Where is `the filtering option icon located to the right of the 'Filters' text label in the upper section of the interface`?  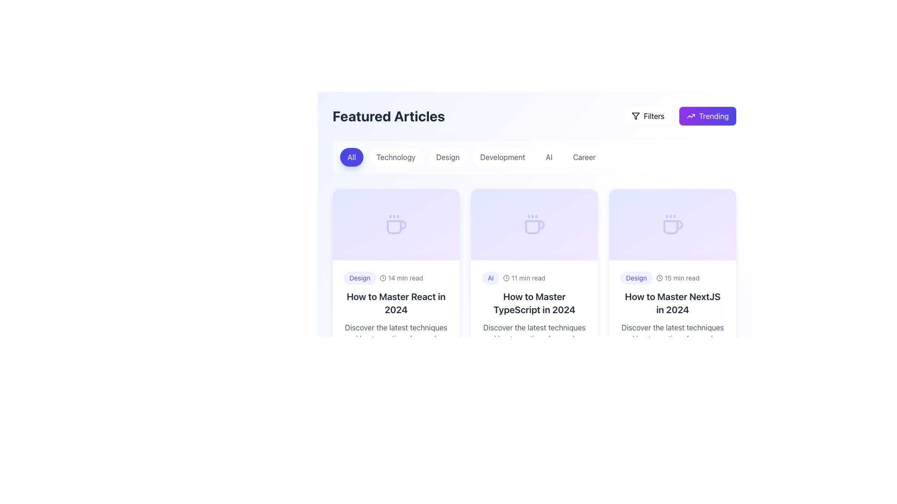 the filtering option icon located to the right of the 'Filters' text label in the upper section of the interface is located at coordinates (635, 116).